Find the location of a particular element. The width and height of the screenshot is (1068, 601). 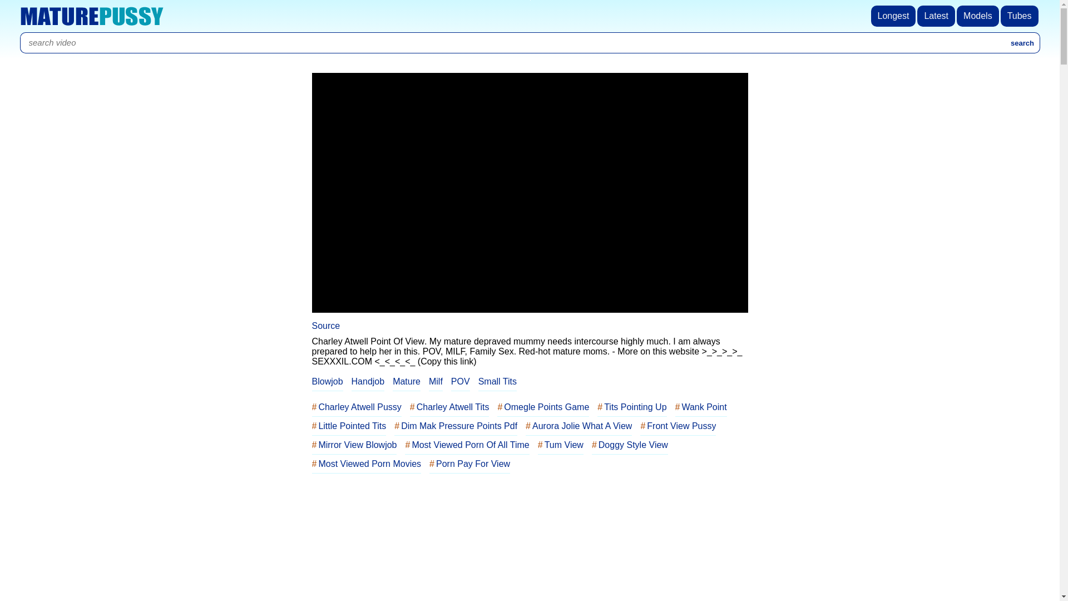

'Aurora Jolie What A View' is located at coordinates (525, 426).